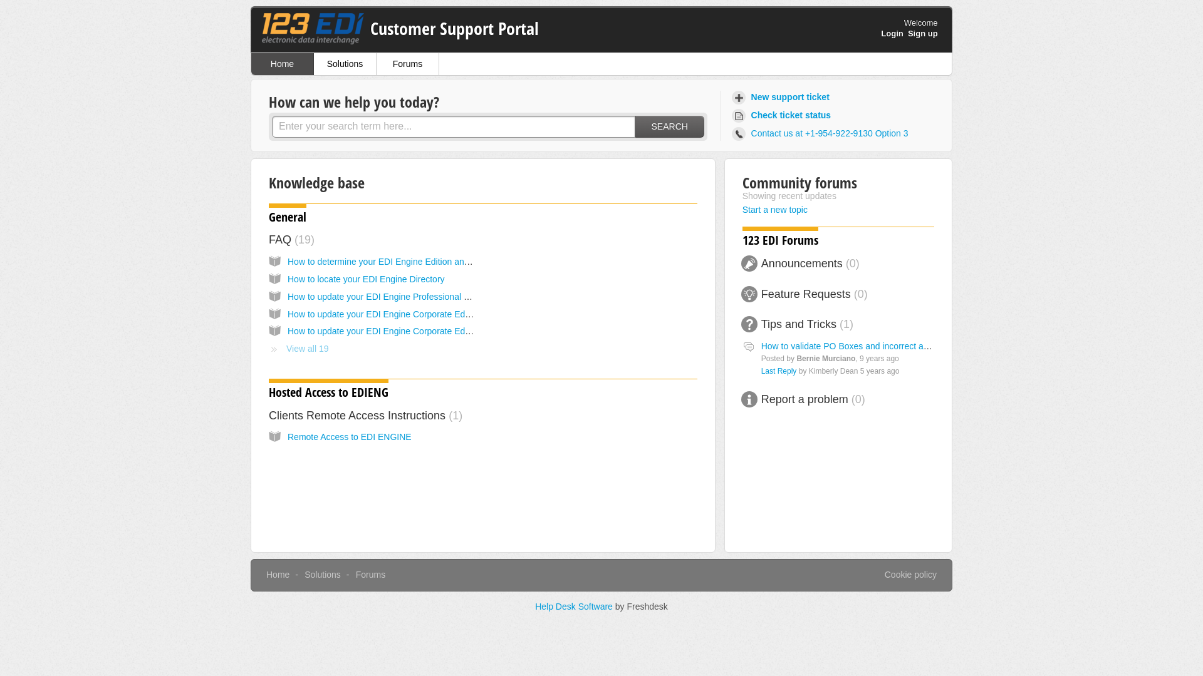 Image resolution: width=1203 pixels, height=676 pixels. What do you see at coordinates (810, 262) in the screenshot?
I see `'Announcements 0'` at bounding box center [810, 262].